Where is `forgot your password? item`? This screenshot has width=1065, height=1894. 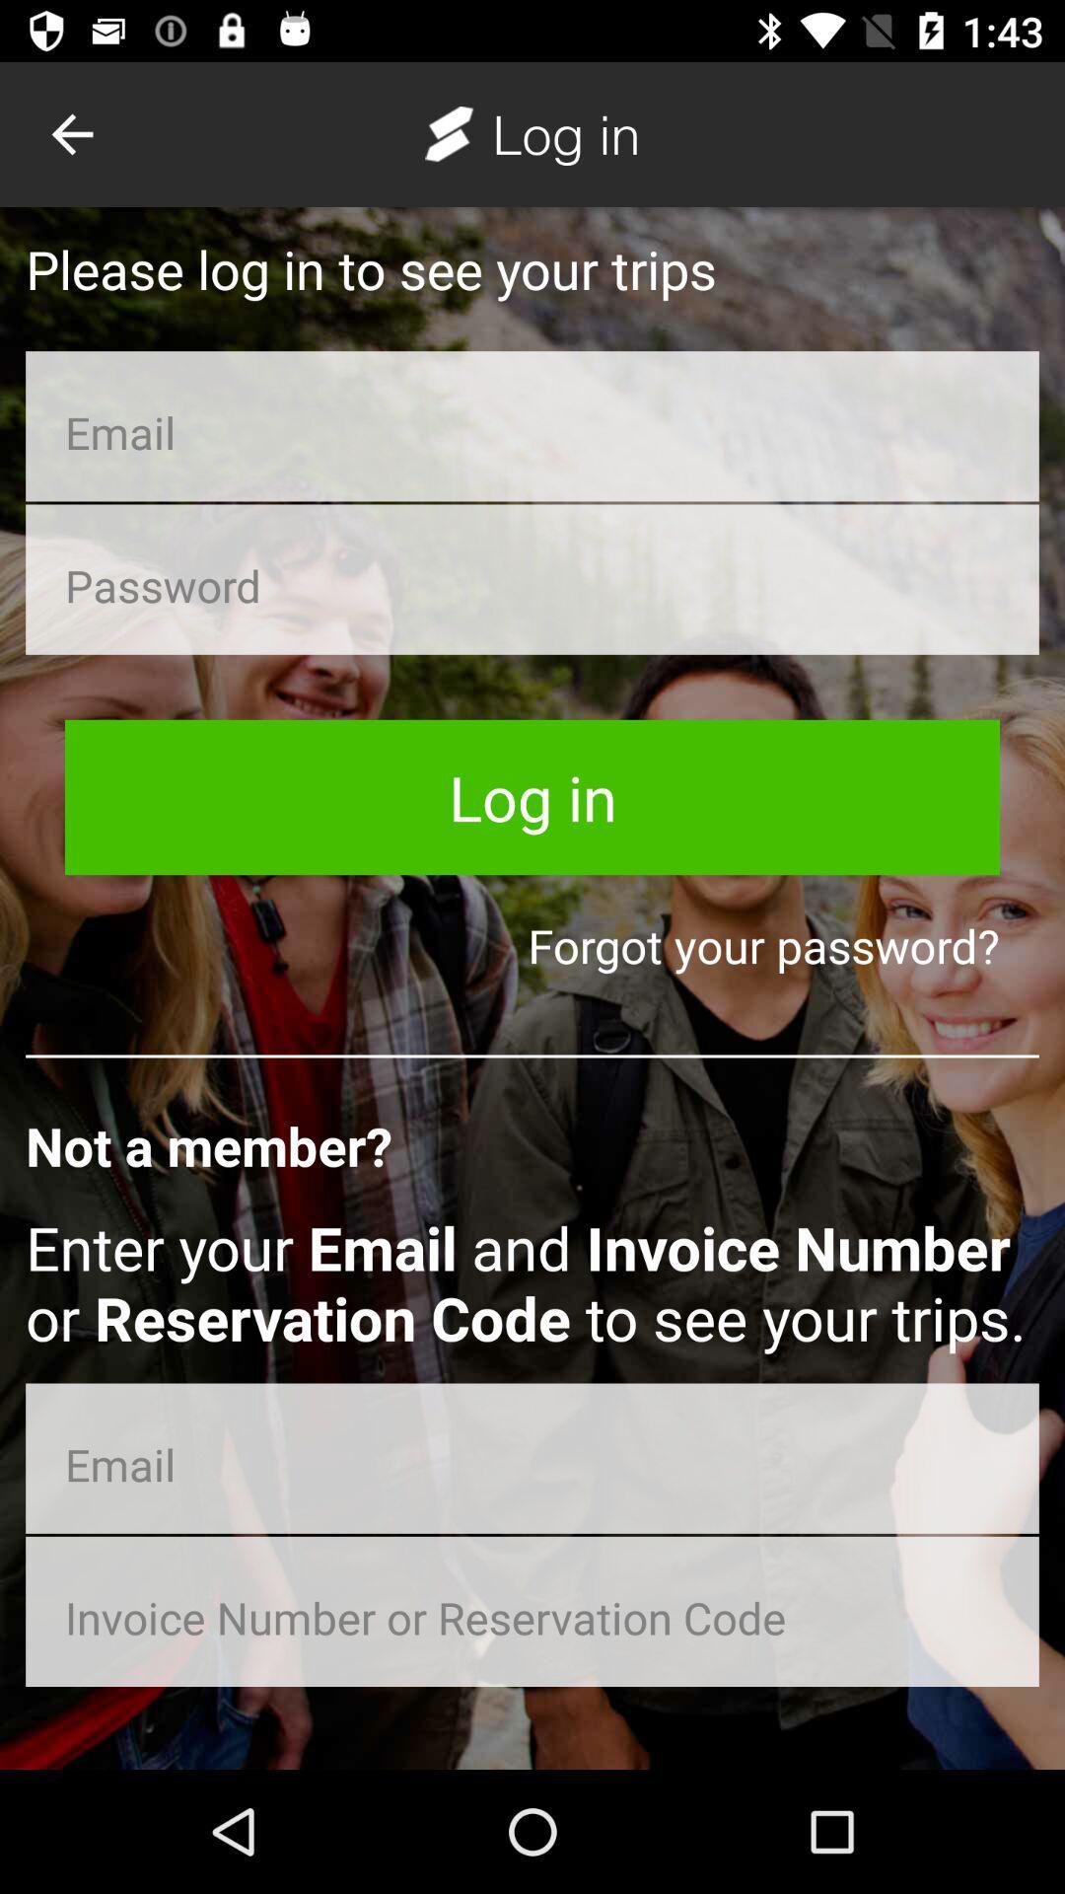
forgot your password? item is located at coordinates (532, 944).